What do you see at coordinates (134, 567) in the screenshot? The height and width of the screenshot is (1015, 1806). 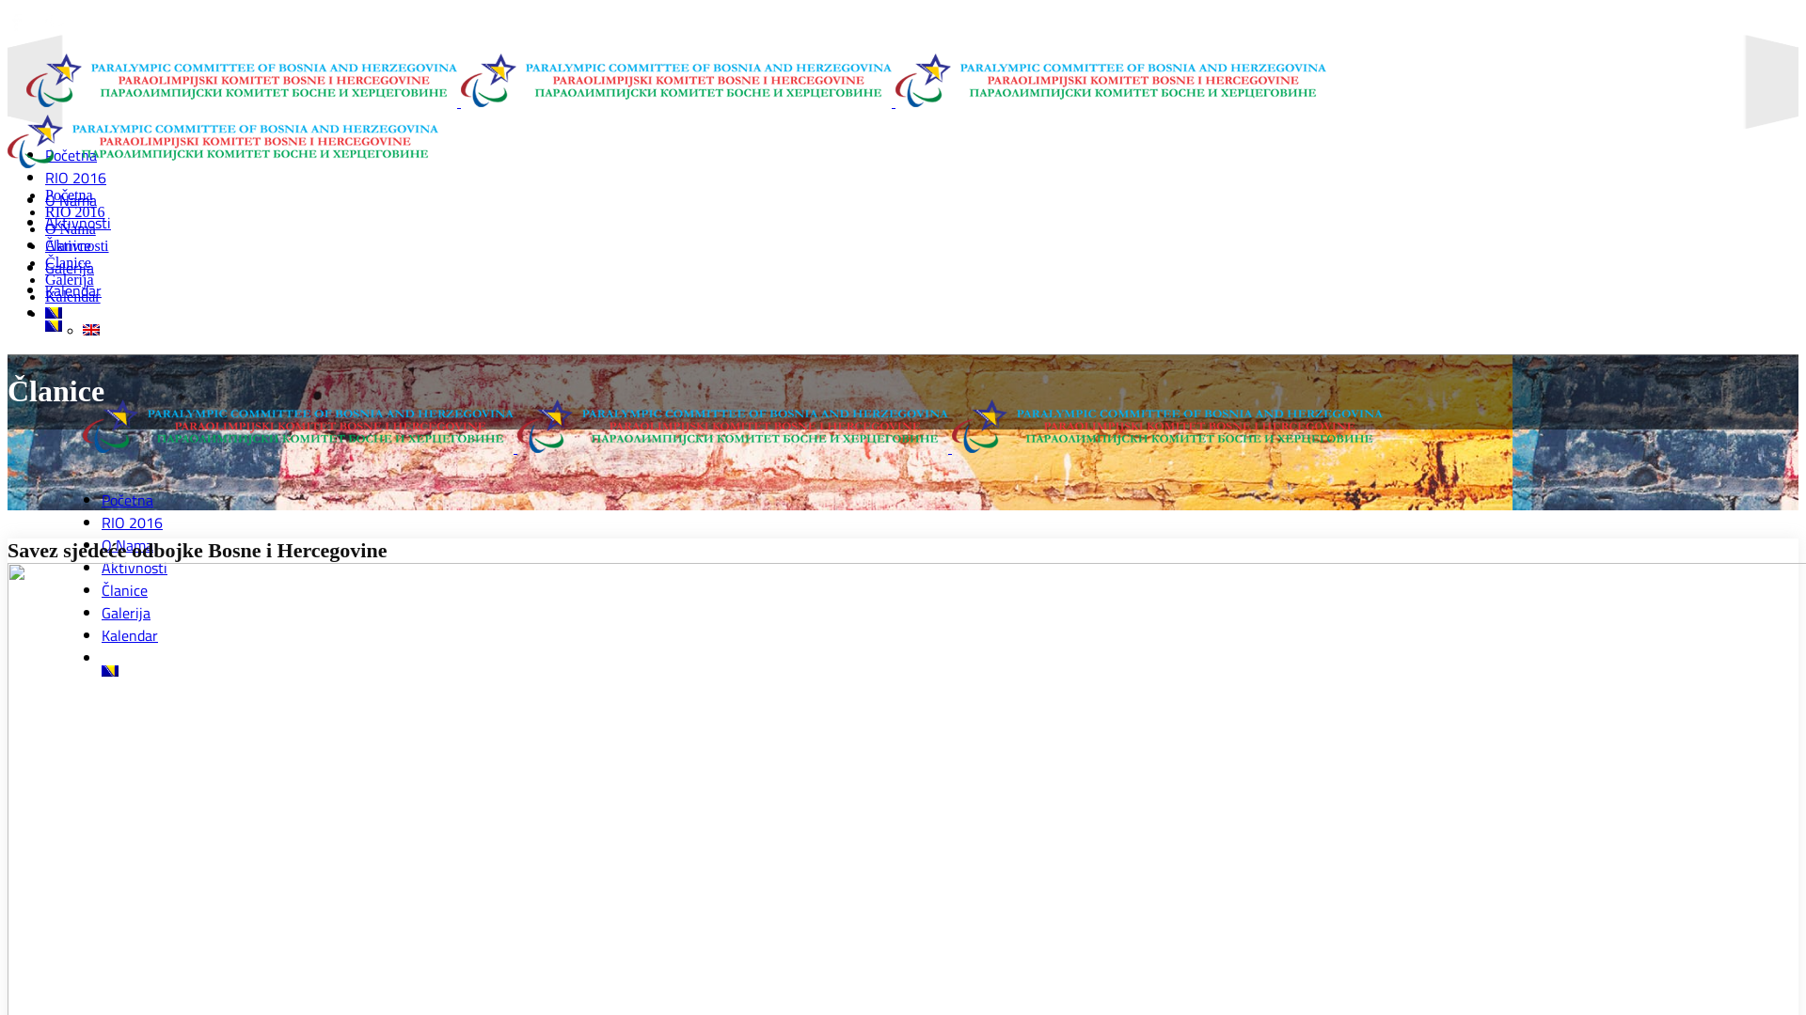 I see `'Aktivnosti'` at bounding box center [134, 567].